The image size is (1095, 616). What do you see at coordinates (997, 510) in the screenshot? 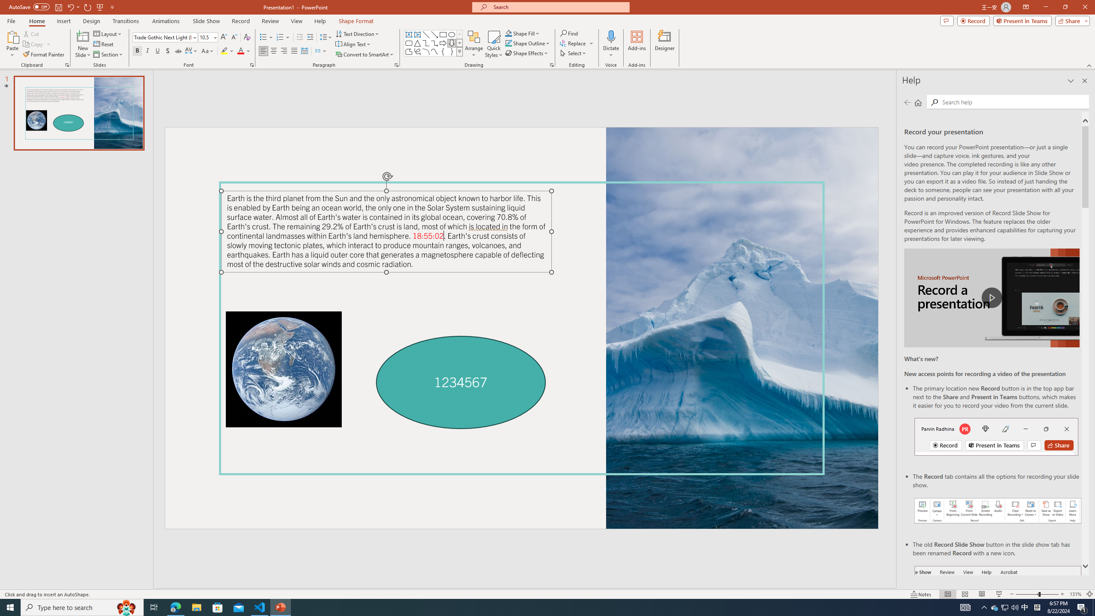
I see `'Record your presentations screenshot one'` at bounding box center [997, 510].